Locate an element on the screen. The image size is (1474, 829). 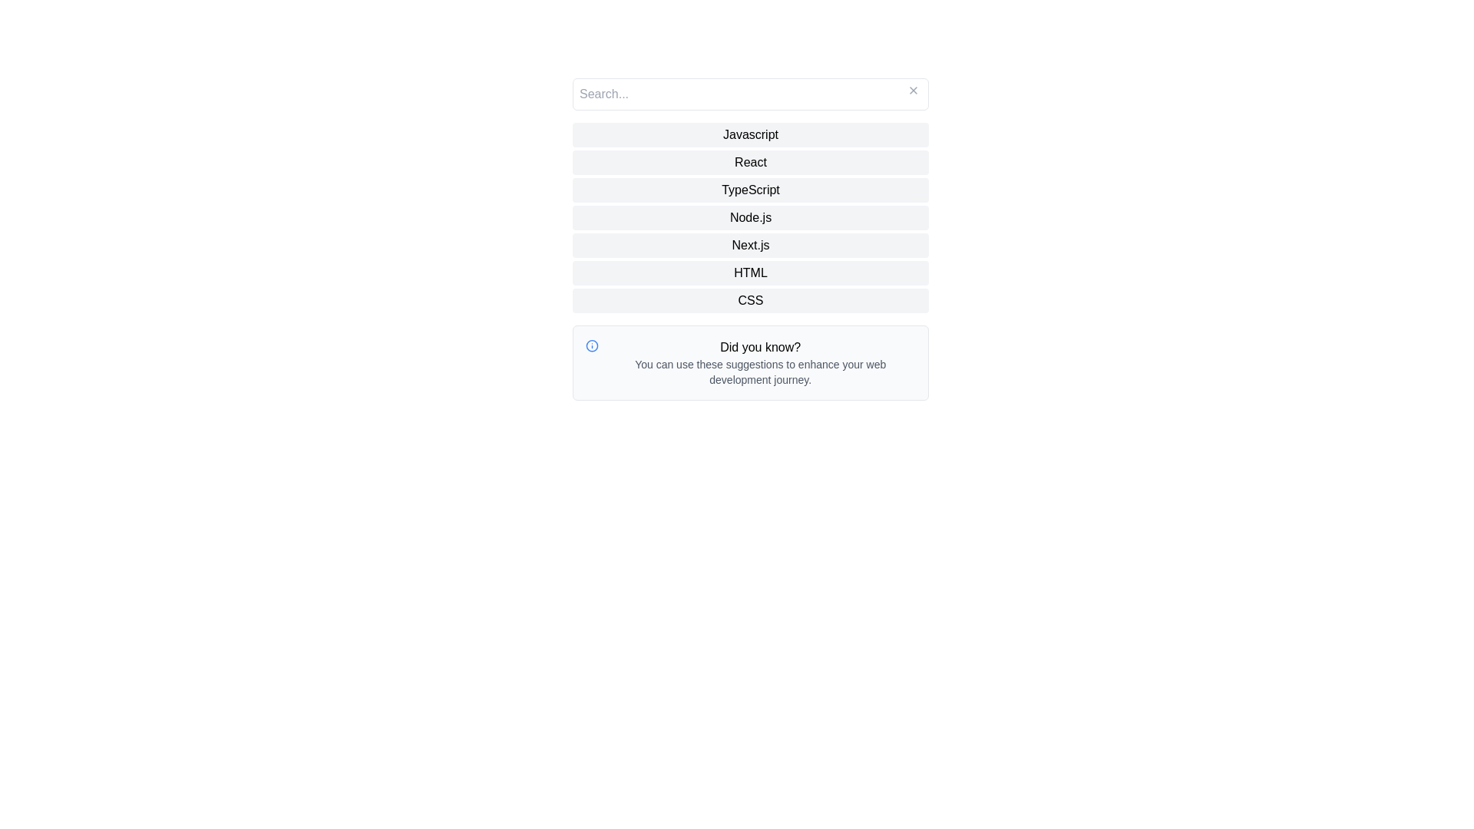
the 'Node.js' selectable list item, which is the fourth item in a vertical list of seven, positioned centrally with a light gray background and rounded corners is located at coordinates (751, 218).